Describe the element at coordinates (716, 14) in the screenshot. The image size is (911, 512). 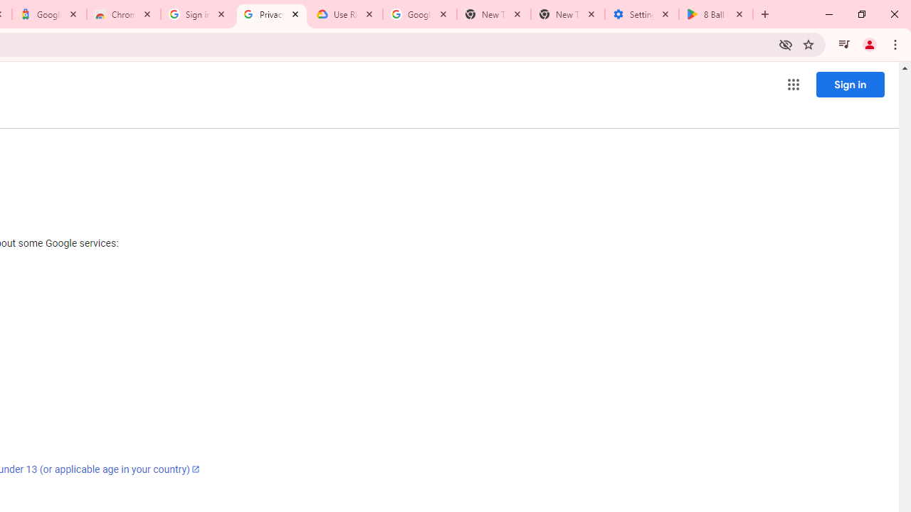
I see `'8 Ball Pool - Apps on Google Play'` at that location.